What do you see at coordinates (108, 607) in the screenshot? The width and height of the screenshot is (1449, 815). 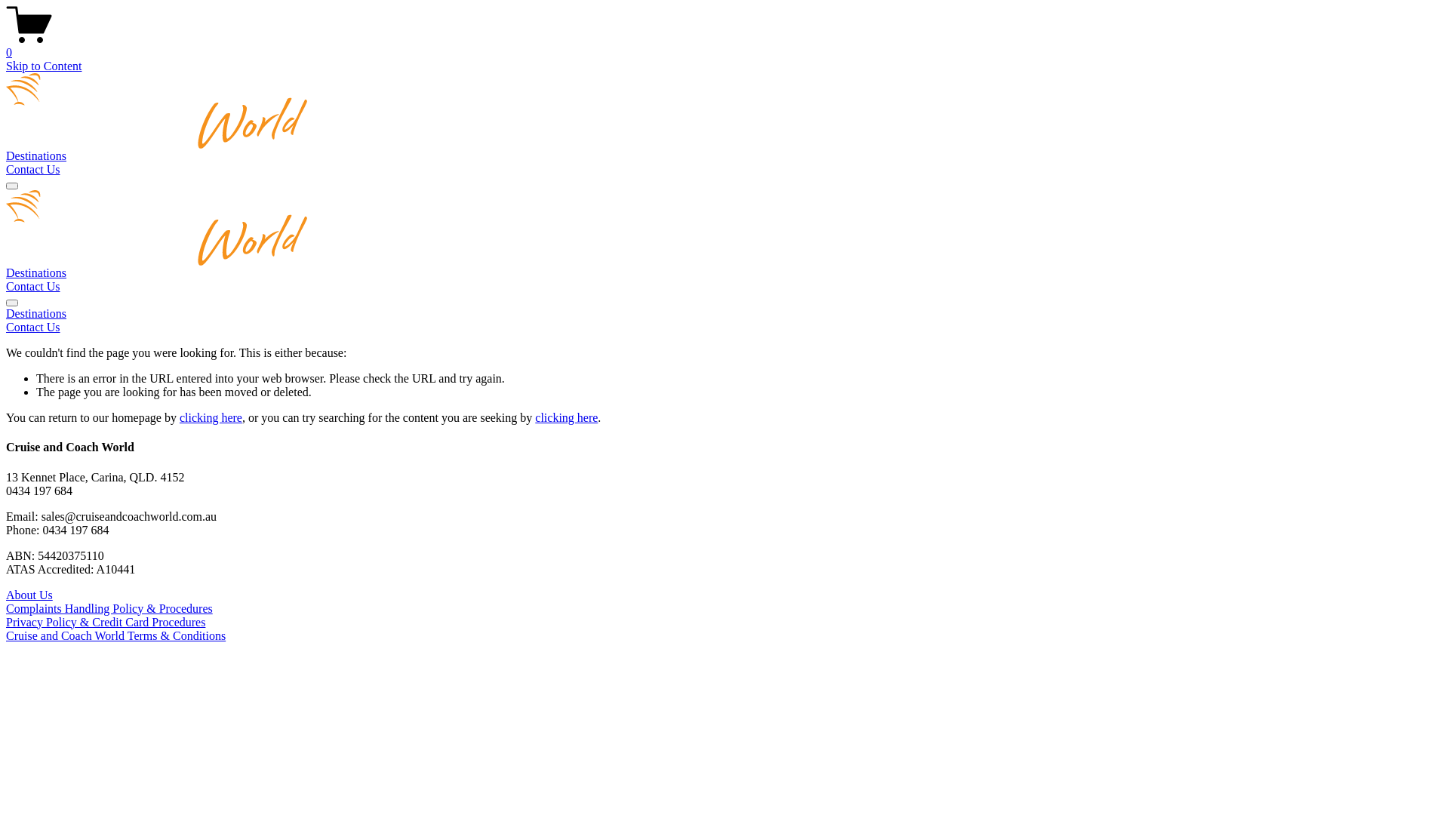 I see `'Complaints Handling Policy & Procedures'` at bounding box center [108, 607].